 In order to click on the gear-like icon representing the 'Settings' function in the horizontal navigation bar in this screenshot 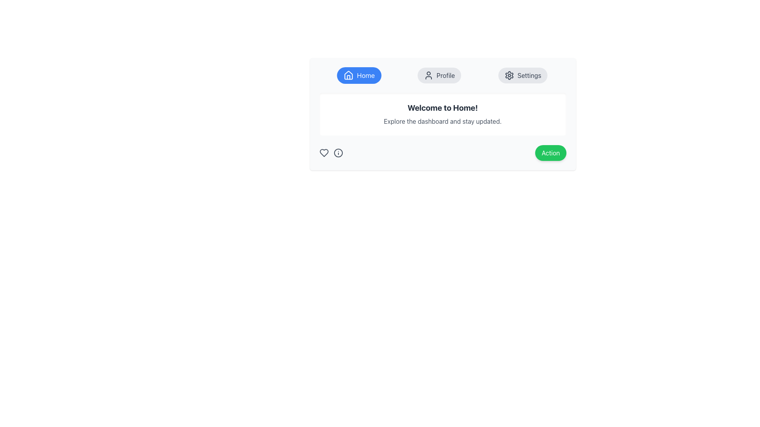, I will do `click(509, 76)`.